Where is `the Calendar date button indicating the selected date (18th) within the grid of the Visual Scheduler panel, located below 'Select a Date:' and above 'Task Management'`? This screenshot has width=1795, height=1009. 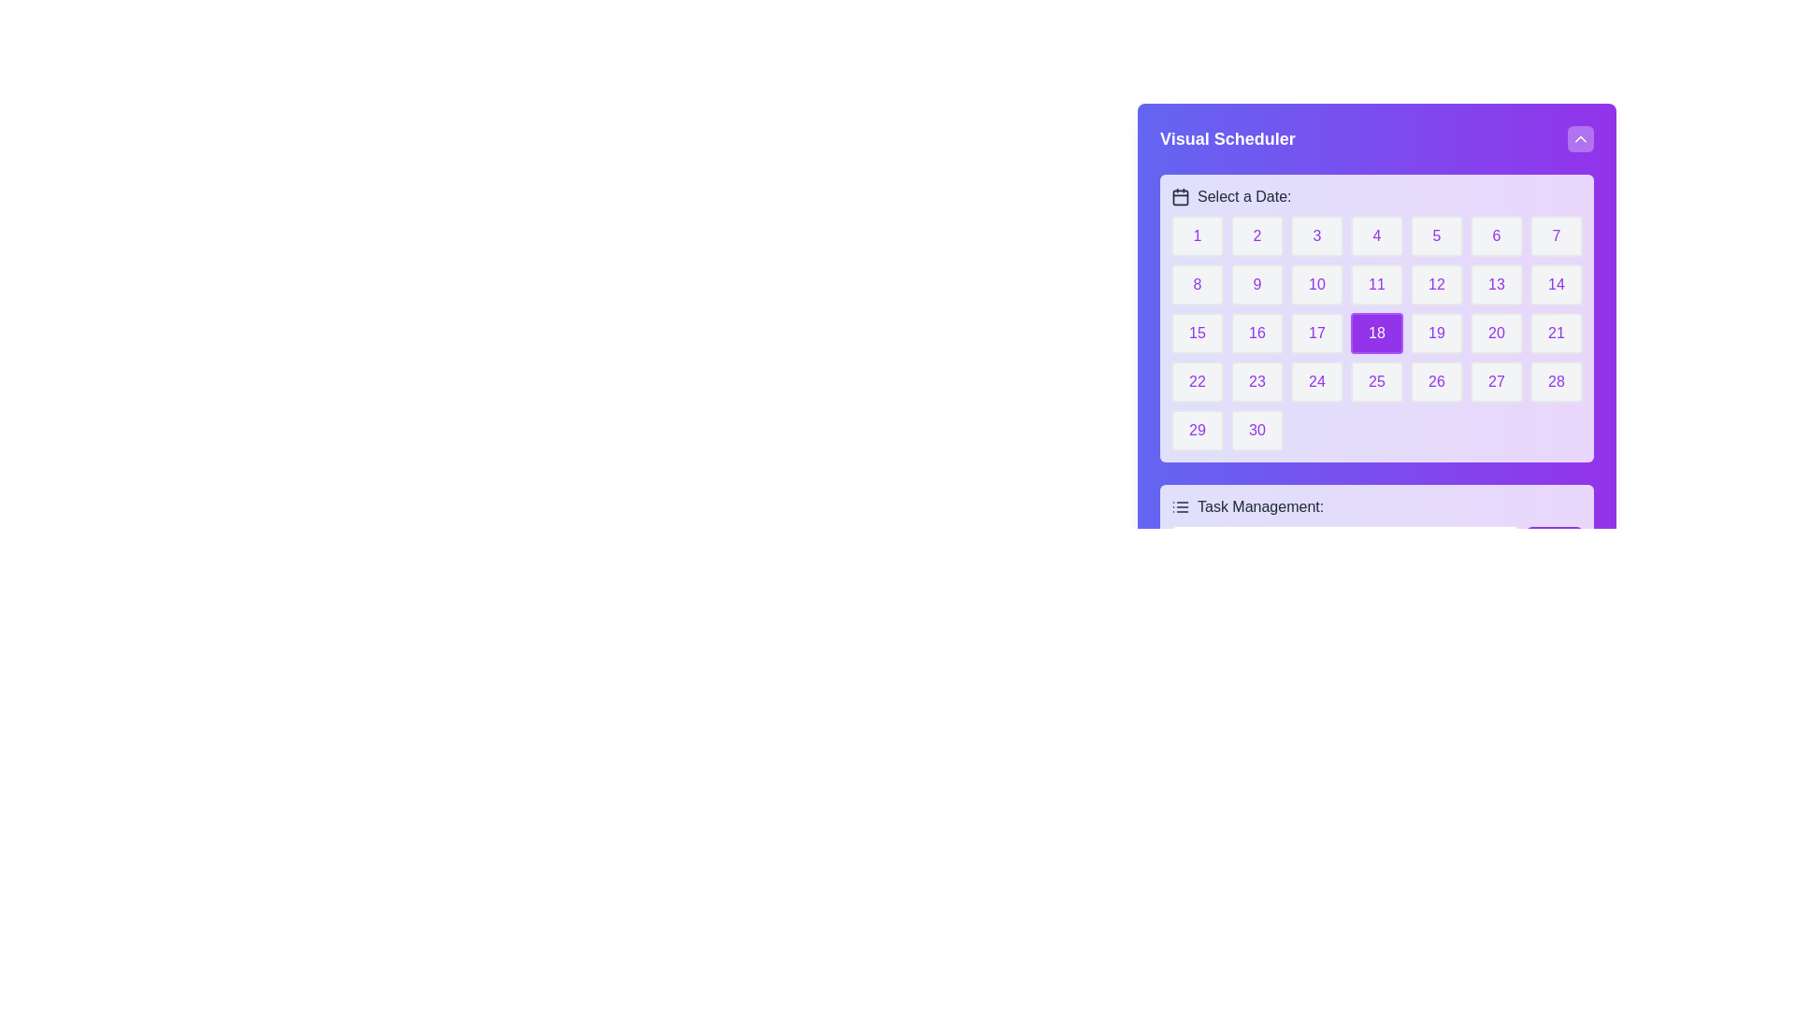
the Calendar date button indicating the selected date (18th) within the grid of the Visual Scheduler panel, located below 'Select a Date:' and above 'Task Management' is located at coordinates (1377, 317).